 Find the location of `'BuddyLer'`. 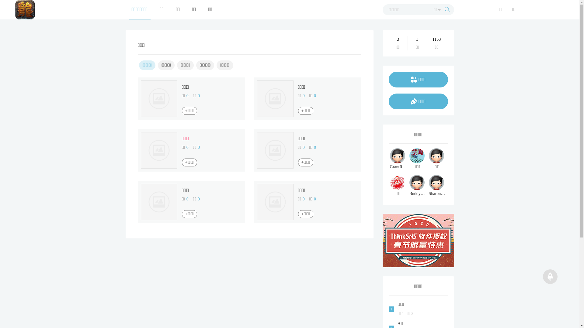

'BuddyLer' is located at coordinates (417, 186).